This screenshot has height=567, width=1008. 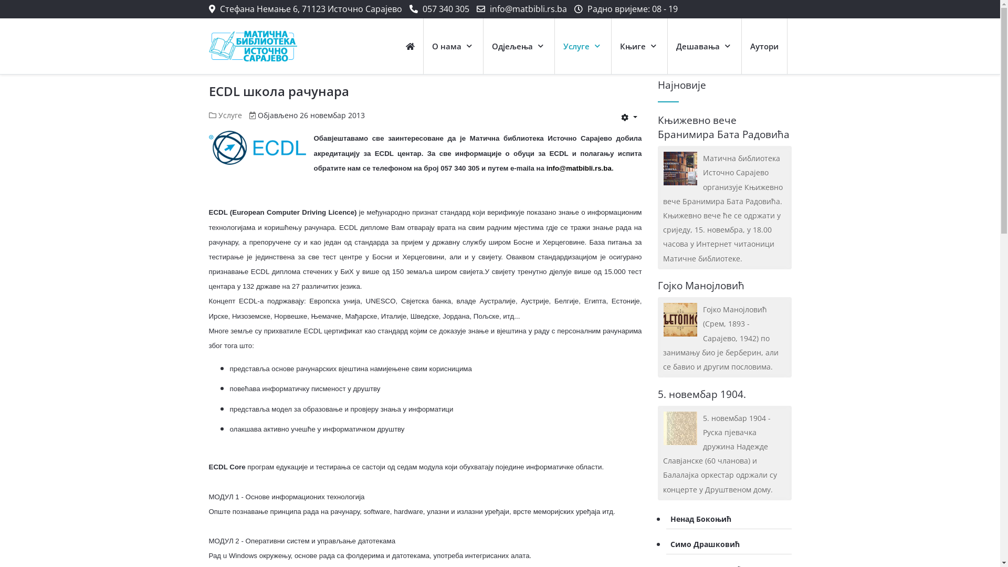 I want to click on 'info@matbibli.rs.ba', so click(x=528, y=8).